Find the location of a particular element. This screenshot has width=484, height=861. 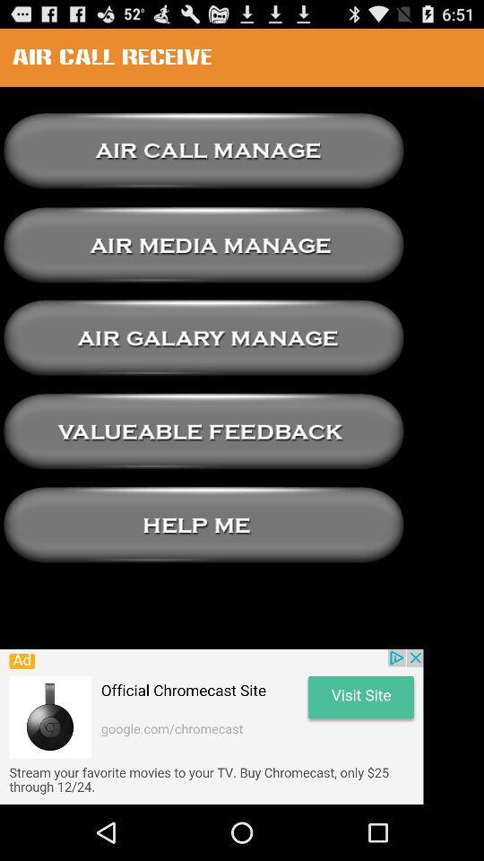

open link is located at coordinates (203, 244).